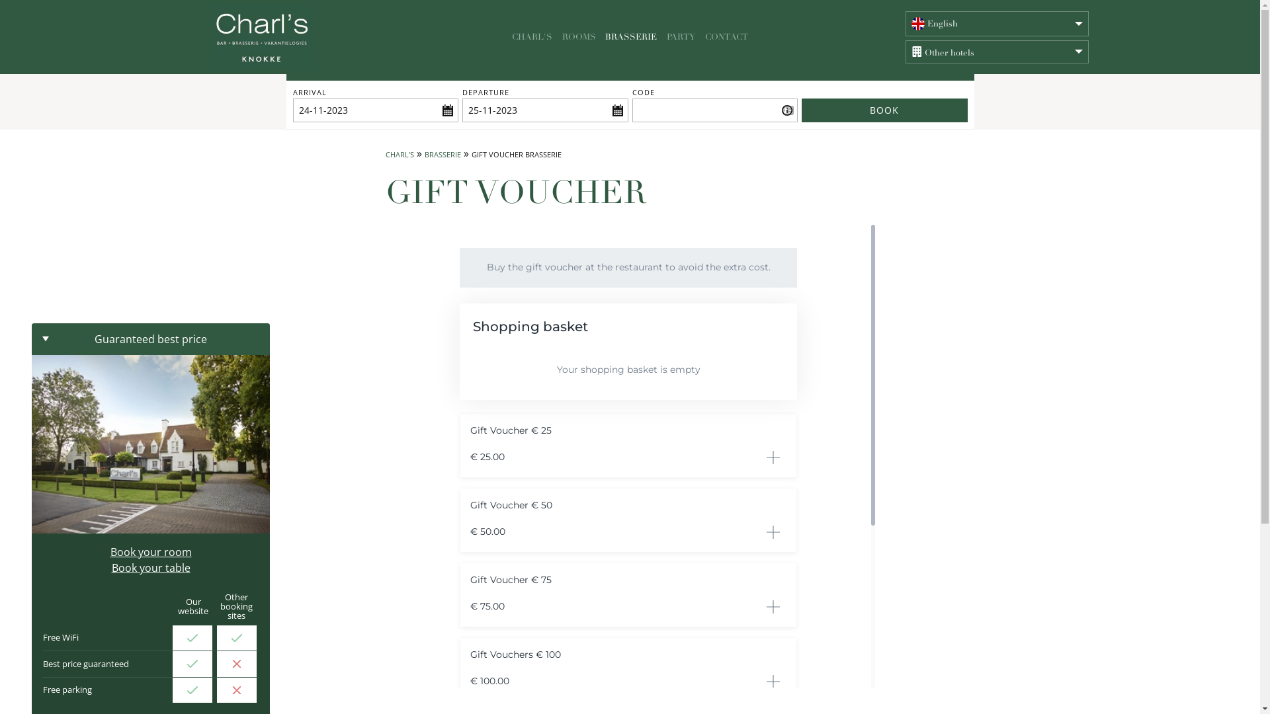 The image size is (1270, 714). What do you see at coordinates (507, 36) in the screenshot?
I see `'CHARL'S'` at bounding box center [507, 36].